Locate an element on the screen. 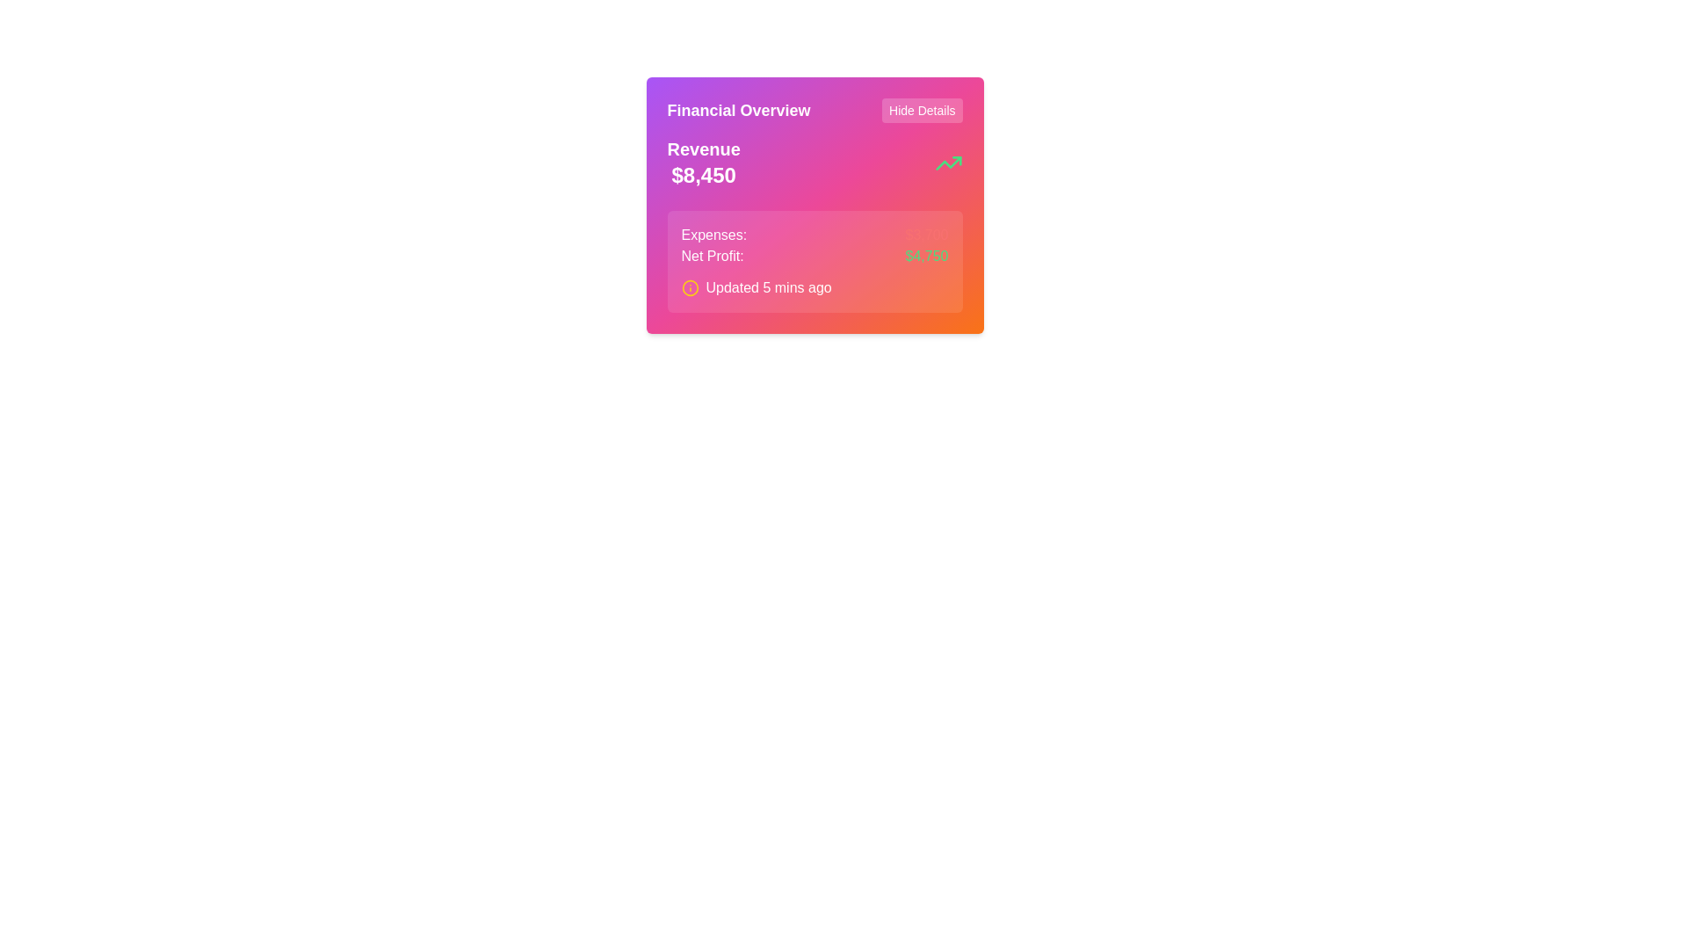 The height and width of the screenshot is (949, 1687). the toggle button in the upper-right corner of the 'Financial Overview' section to observe the hover effect is located at coordinates (921, 111).